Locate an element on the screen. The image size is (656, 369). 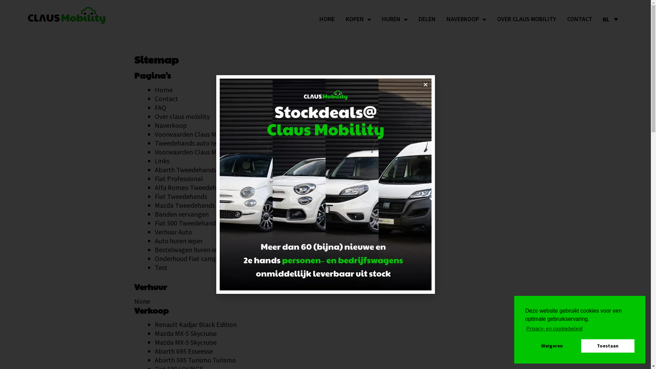
'Toestaan' is located at coordinates (608, 345).